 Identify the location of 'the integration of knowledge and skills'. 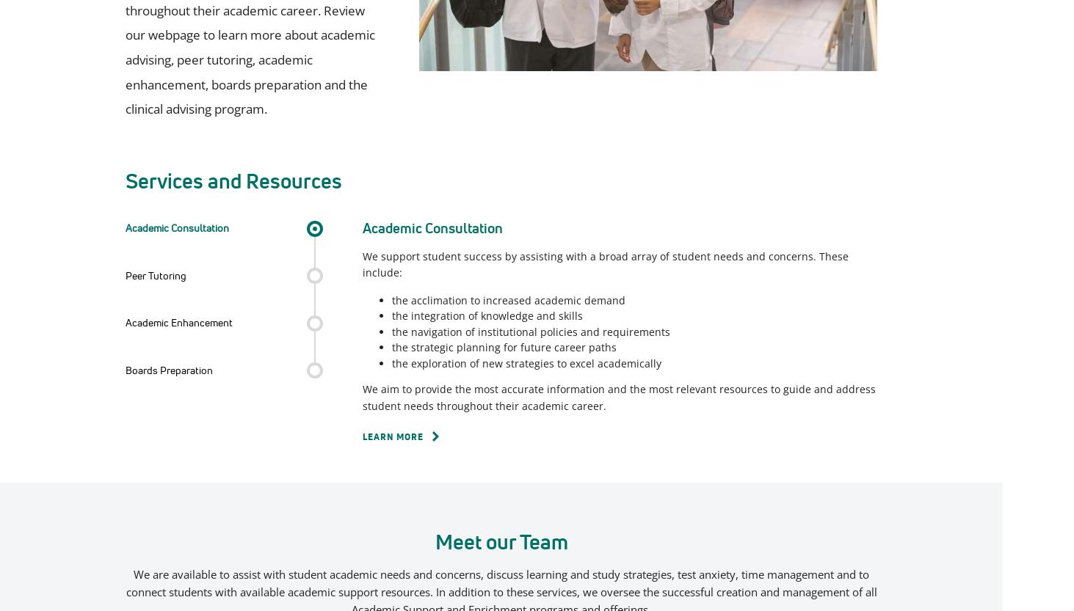
(487, 315).